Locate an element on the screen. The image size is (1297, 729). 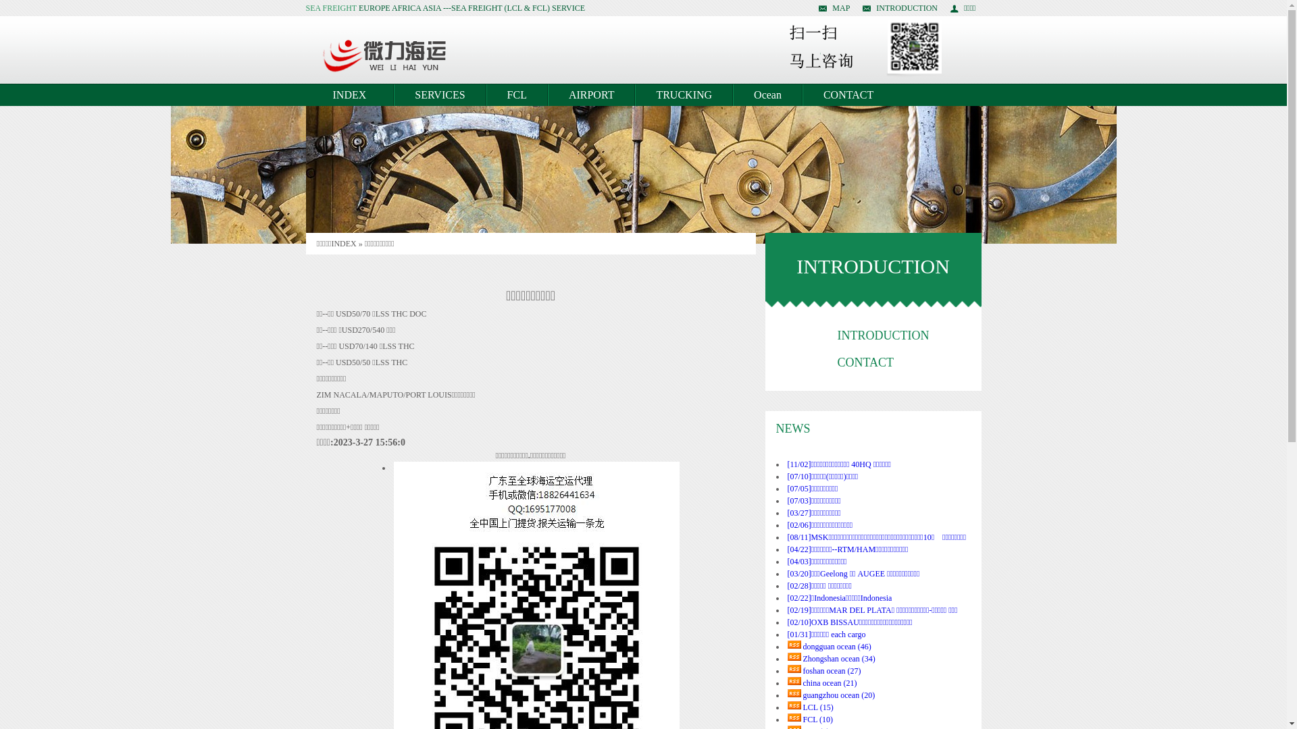
'INDEX' is located at coordinates (343, 244).